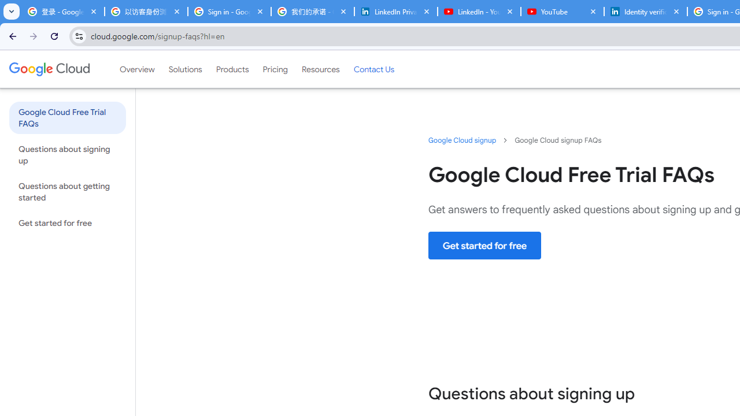 This screenshot has width=740, height=416. I want to click on 'Solutions', so click(185, 69).